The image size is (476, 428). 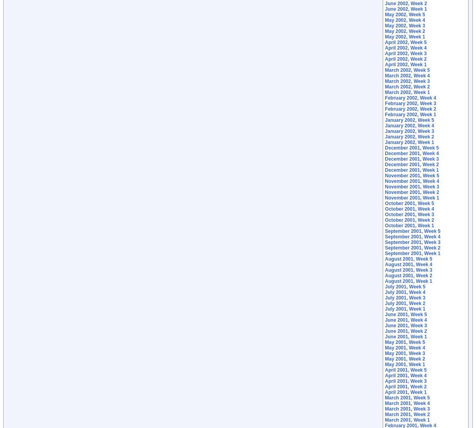 What do you see at coordinates (405, 37) in the screenshot?
I see `'May 2002, Week 1'` at bounding box center [405, 37].